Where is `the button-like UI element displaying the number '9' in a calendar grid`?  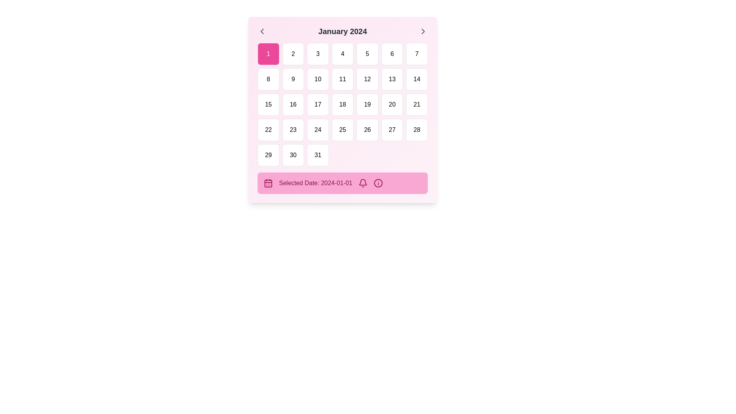
the button-like UI element displaying the number '9' in a calendar grid is located at coordinates (292, 79).